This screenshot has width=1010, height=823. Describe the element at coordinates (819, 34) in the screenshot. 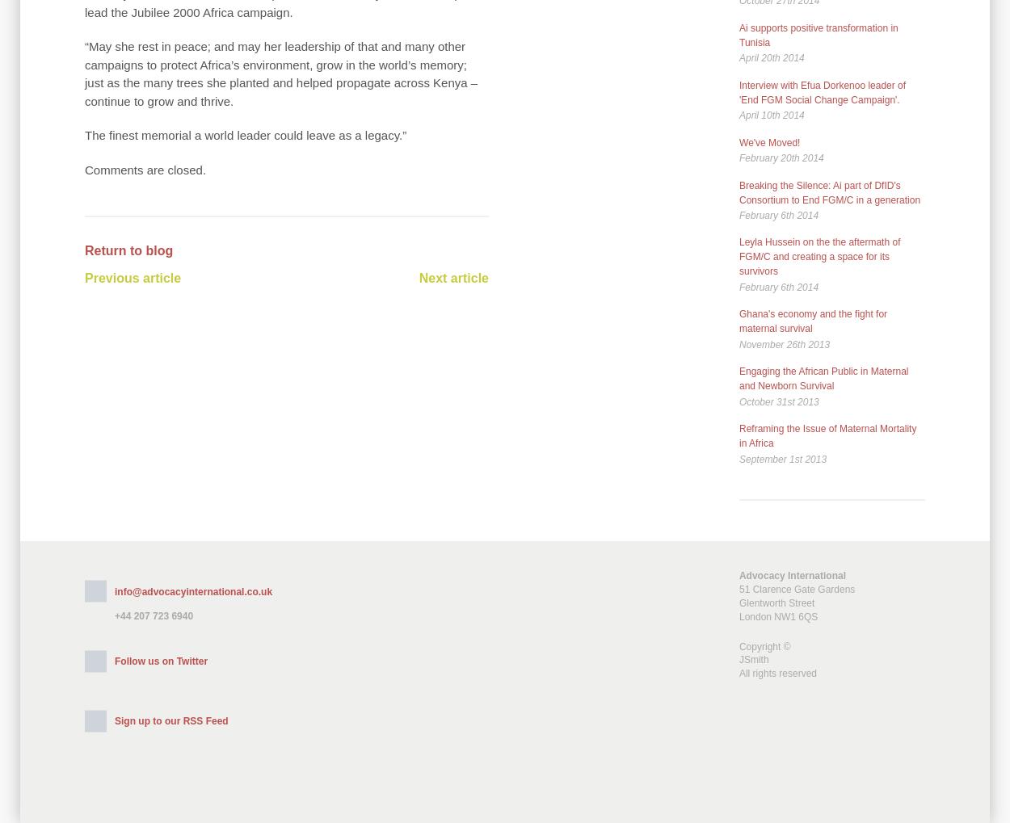

I see `'Ai supports positive transformation in Tunisia'` at that location.